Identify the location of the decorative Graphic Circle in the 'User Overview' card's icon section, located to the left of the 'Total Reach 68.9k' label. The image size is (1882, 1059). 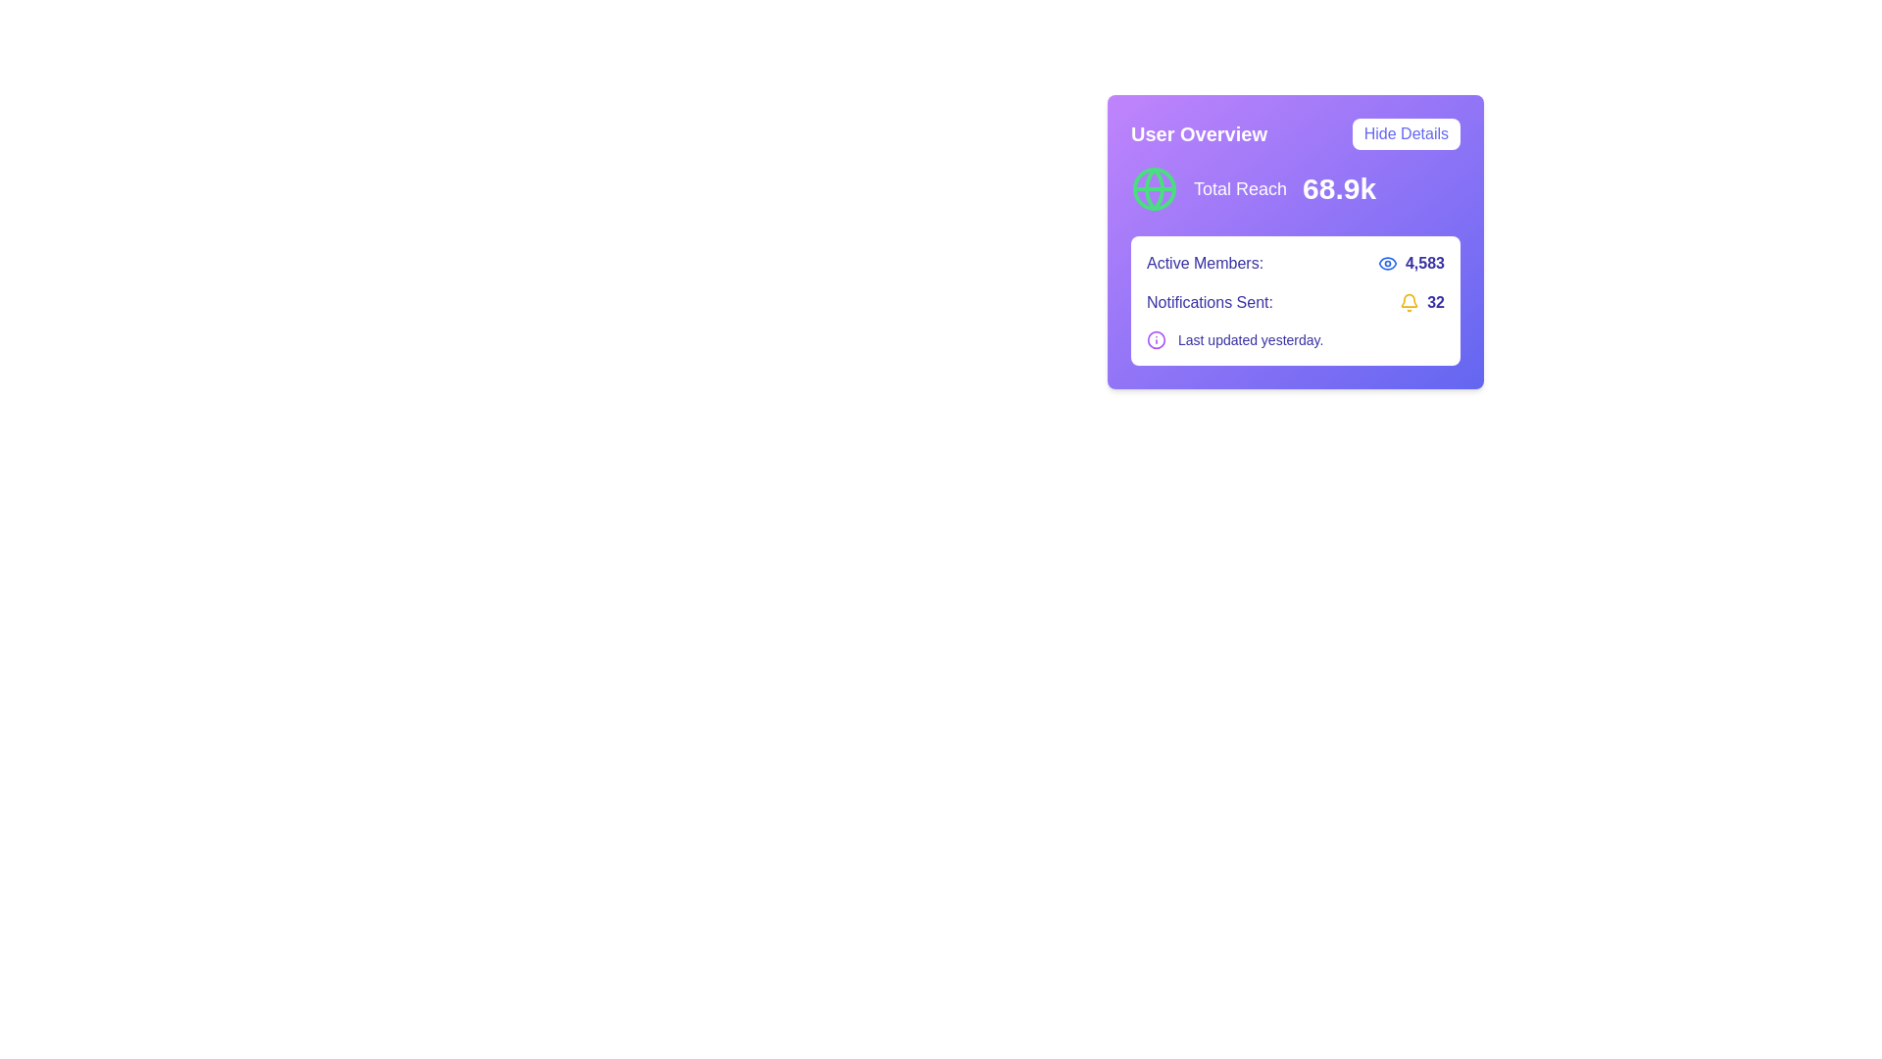
(1154, 188).